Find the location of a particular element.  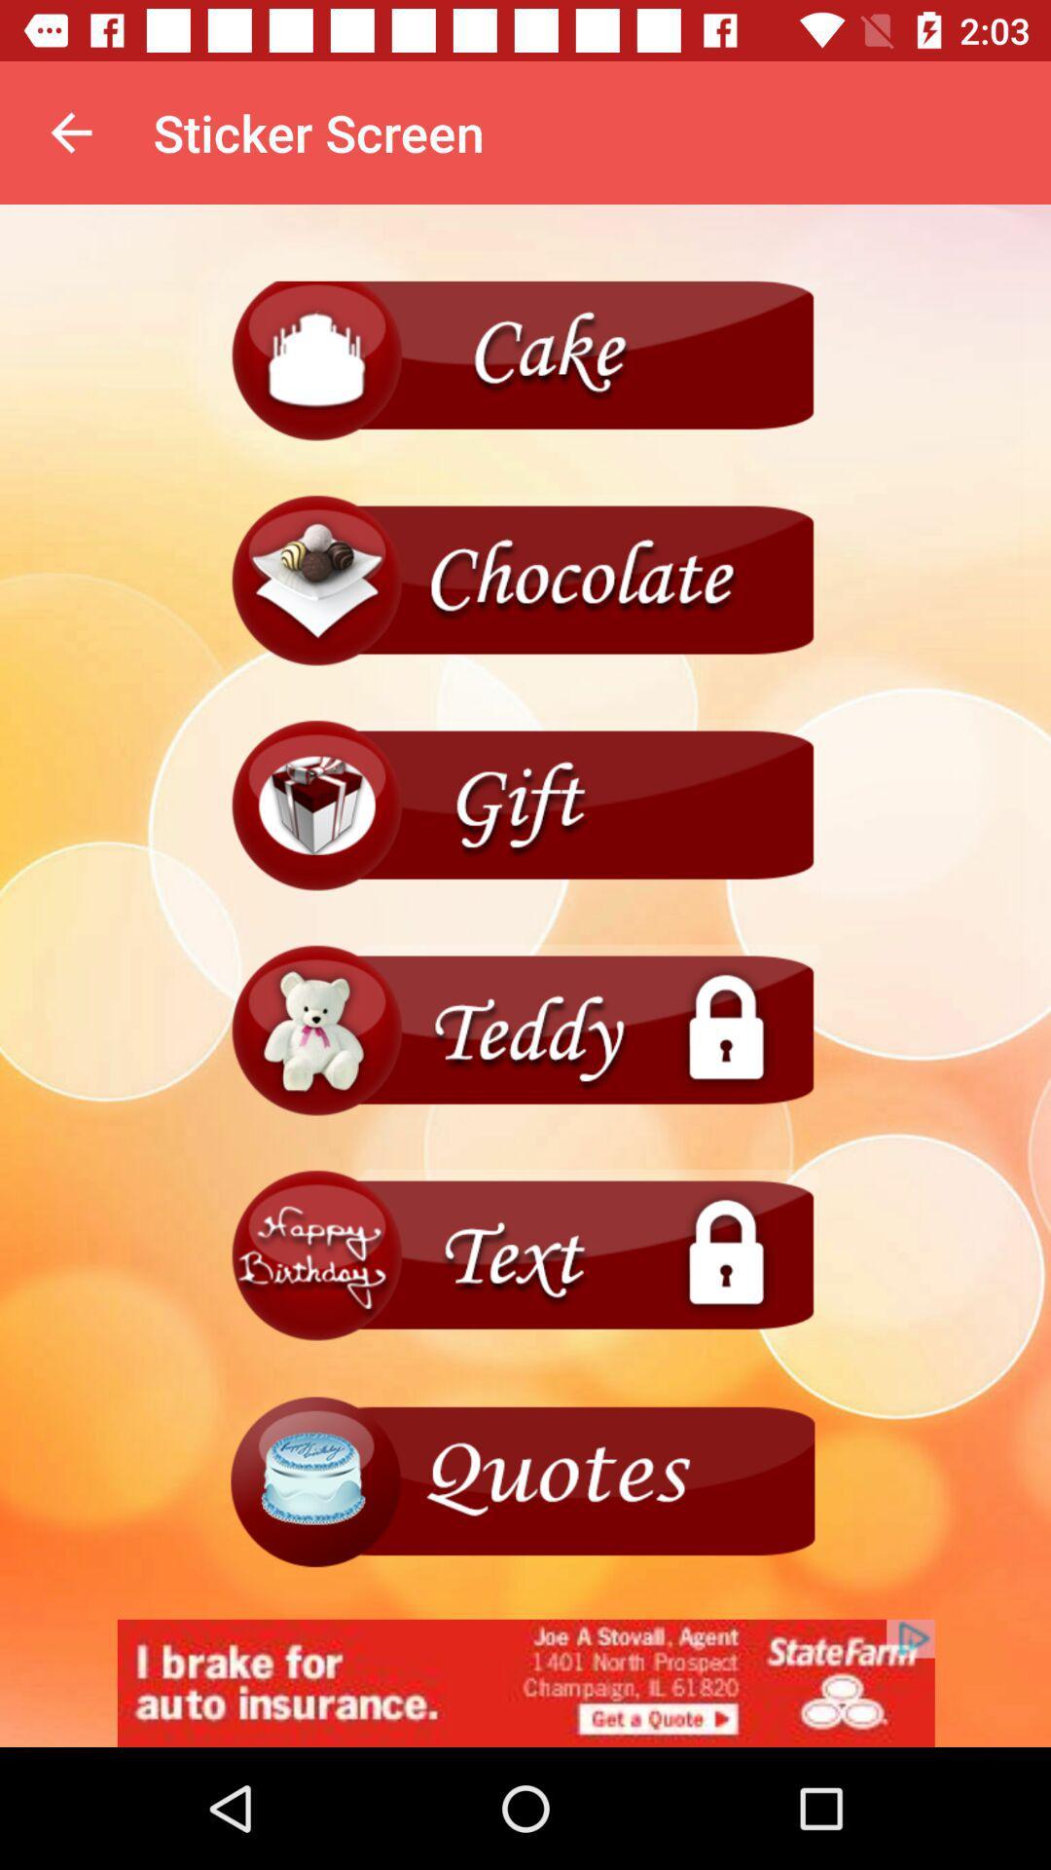

see stickers in chocolate category is located at coordinates (525, 580).